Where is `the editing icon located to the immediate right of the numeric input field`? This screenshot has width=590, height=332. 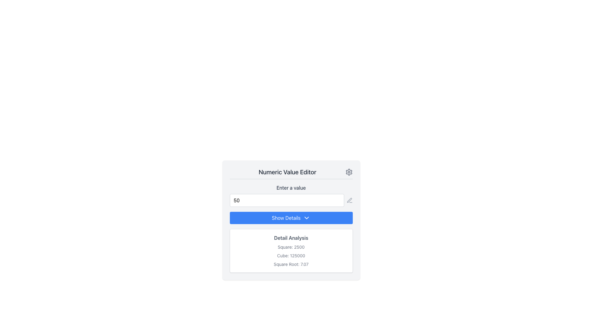 the editing icon located to the immediate right of the numeric input field is located at coordinates (349, 200).